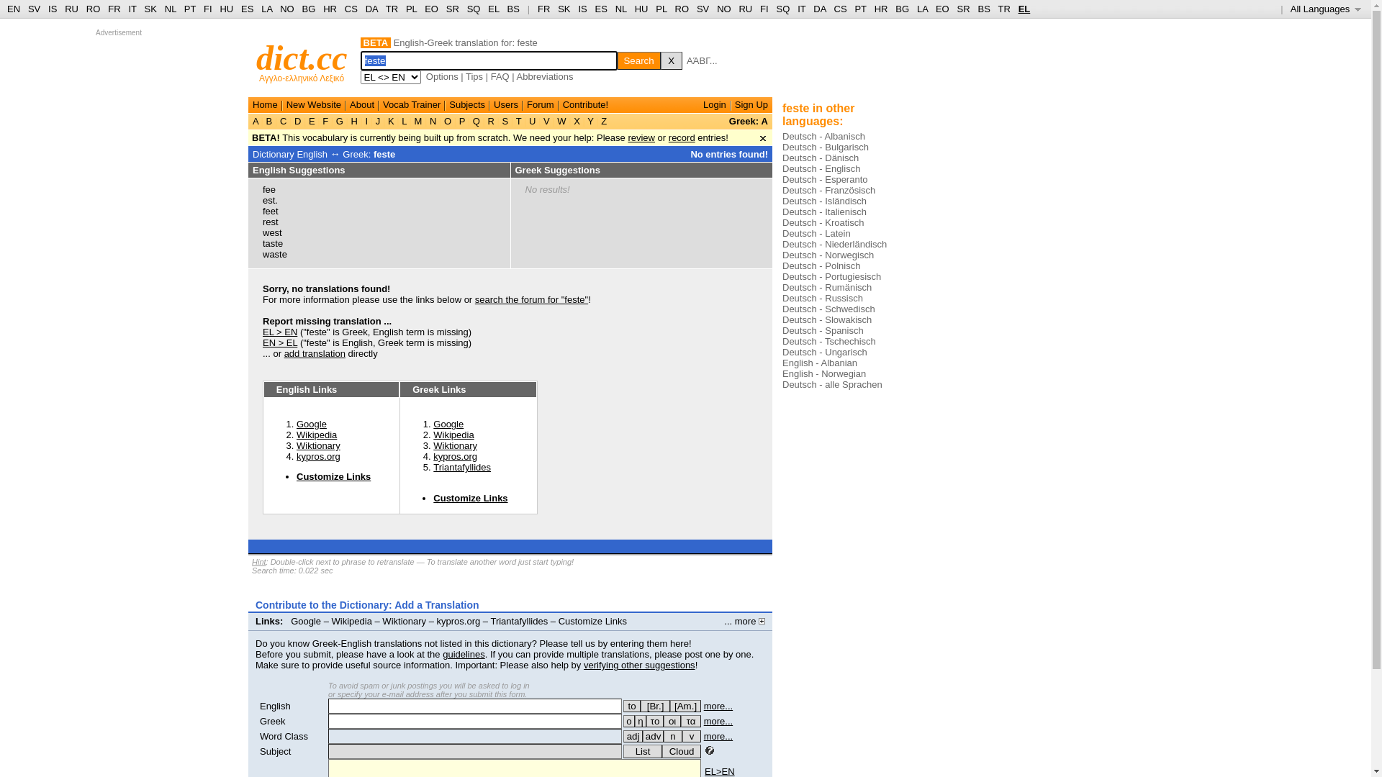  Describe the element at coordinates (259, 560) in the screenshot. I see `'Hint'` at that location.